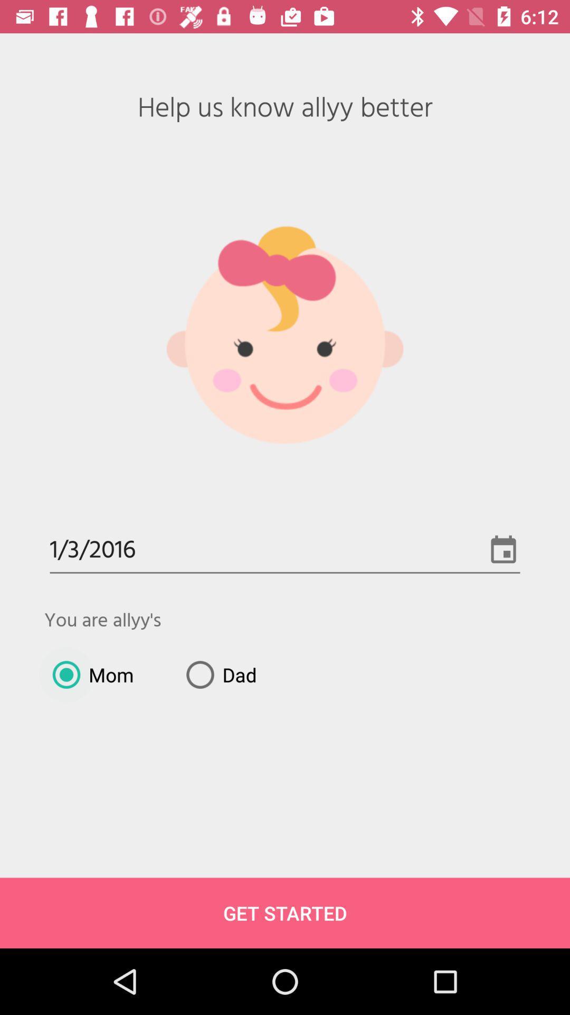  I want to click on the get started, so click(285, 912).